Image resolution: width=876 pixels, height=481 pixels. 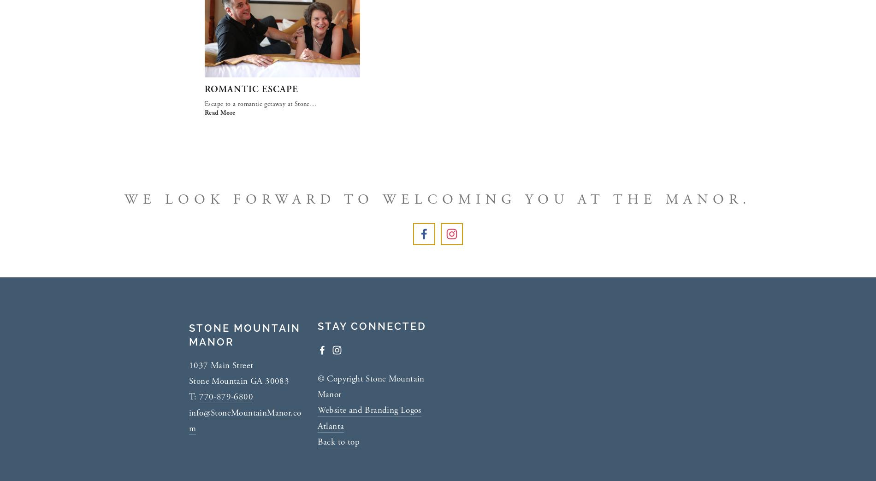 I want to click on 'Romantic Escape', so click(x=251, y=88).